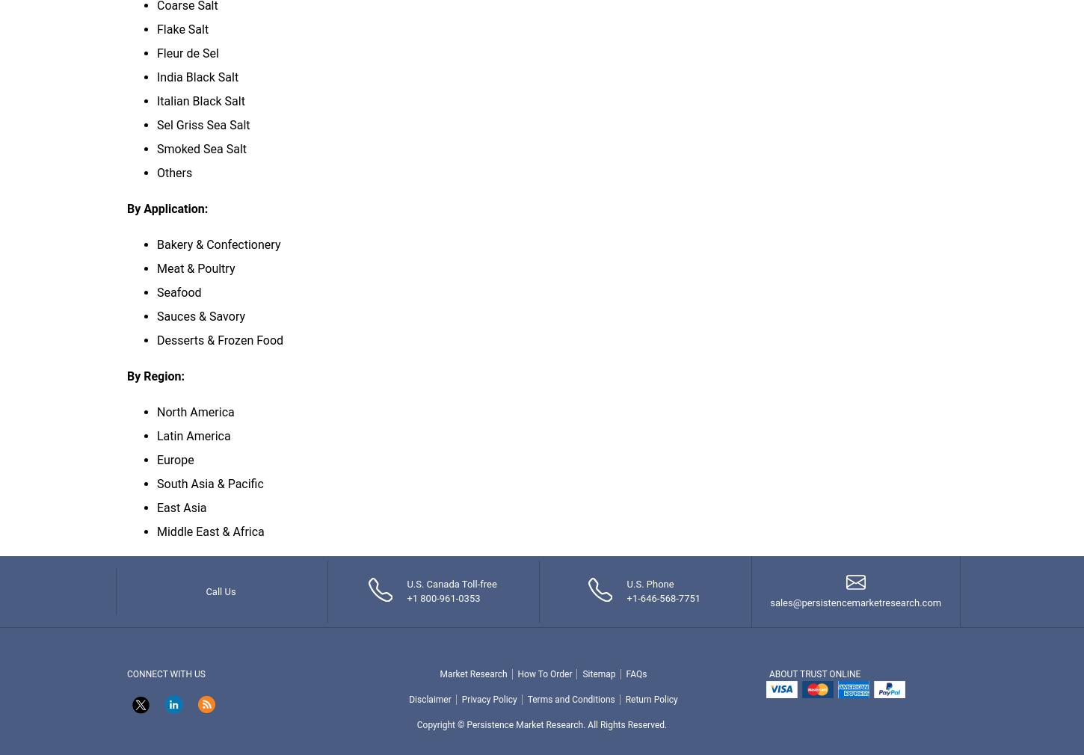  Describe the element at coordinates (174, 458) in the screenshot. I see `'Europe'` at that location.